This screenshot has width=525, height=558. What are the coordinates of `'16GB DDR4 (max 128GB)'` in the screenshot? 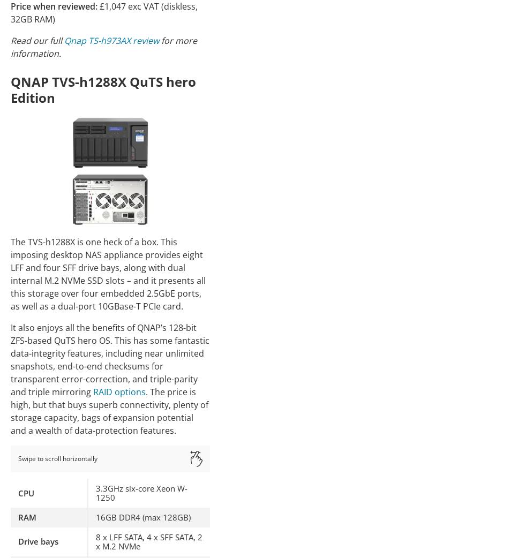 It's located at (96, 516).